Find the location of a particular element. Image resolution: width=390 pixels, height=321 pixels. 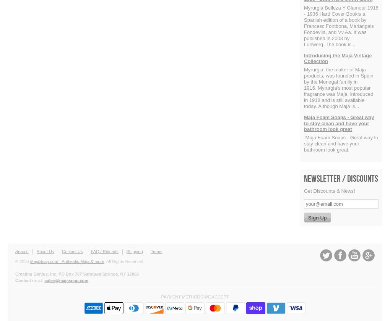

'Newsletter / Discounts' is located at coordinates (340, 179).